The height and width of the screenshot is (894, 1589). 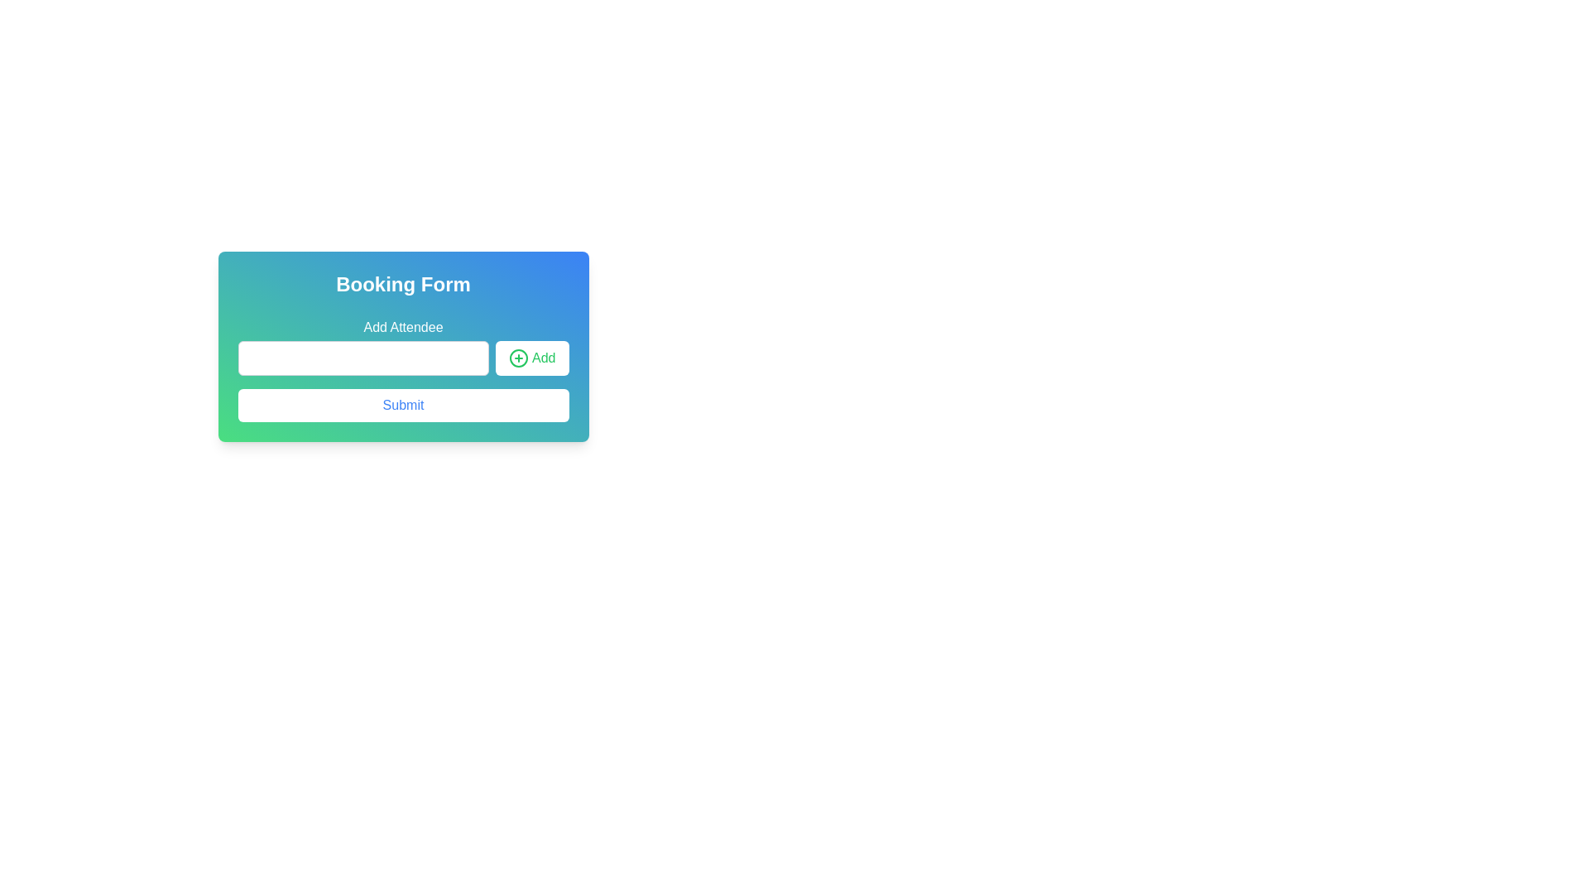 I want to click on the text label displaying 'Booking Form', which is styled in bold white font with a gradient background transitioning from green to blue, so click(x=403, y=283).